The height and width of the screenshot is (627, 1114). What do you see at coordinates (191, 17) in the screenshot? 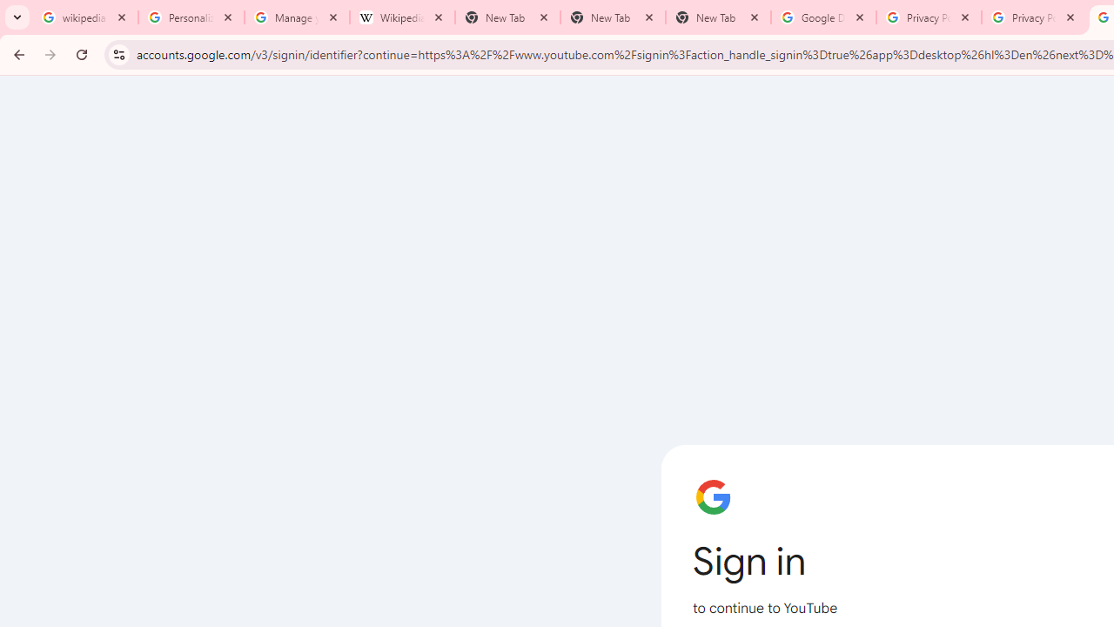
I see `'Personalization & Google Search results - Google Search Help'` at bounding box center [191, 17].